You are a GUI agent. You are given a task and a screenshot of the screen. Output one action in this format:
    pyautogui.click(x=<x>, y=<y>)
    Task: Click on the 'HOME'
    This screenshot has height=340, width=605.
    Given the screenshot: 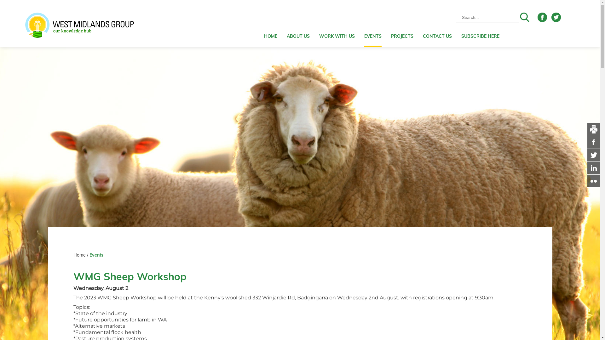 What is the action you would take?
    pyautogui.click(x=264, y=23)
    